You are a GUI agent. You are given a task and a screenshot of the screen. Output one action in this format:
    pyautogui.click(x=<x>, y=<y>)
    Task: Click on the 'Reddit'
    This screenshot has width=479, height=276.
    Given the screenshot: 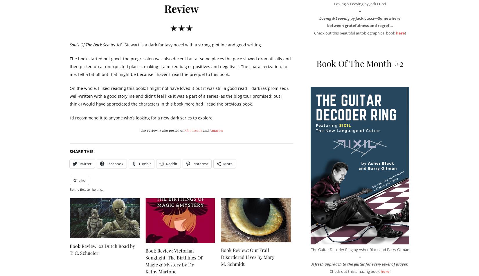 What is the action you would take?
    pyautogui.click(x=171, y=164)
    